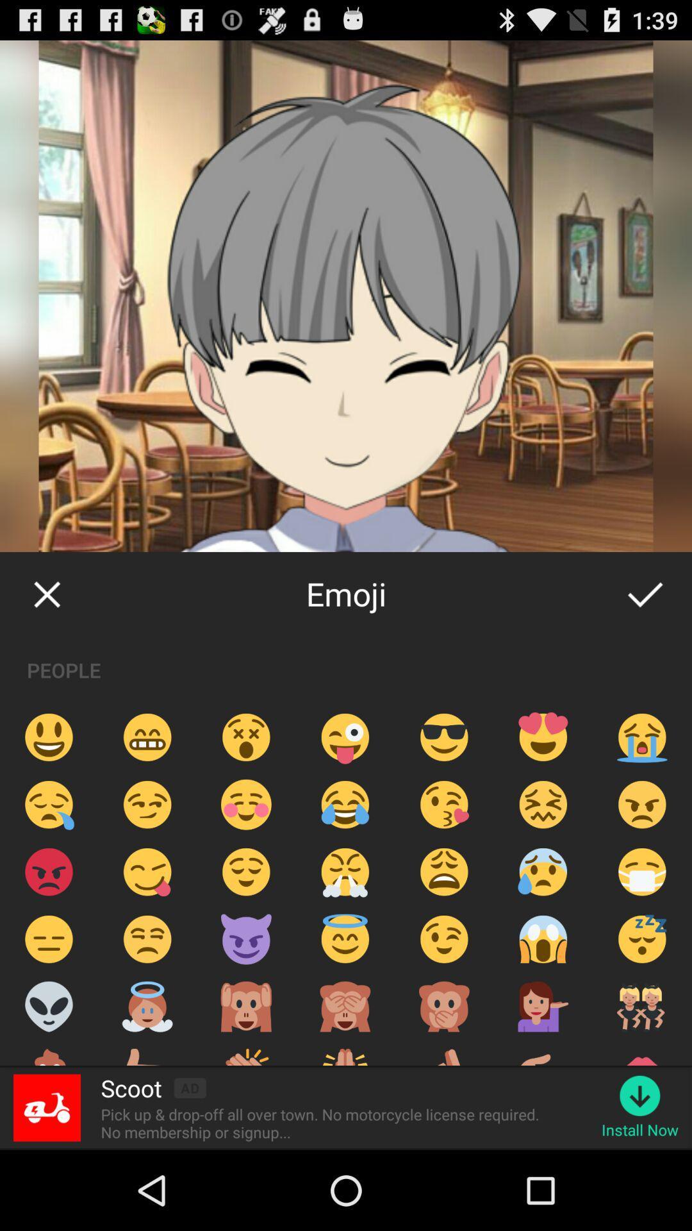  Describe the element at coordinates (46, 593) in the screenshot. I see `the item above people icon` at that location.